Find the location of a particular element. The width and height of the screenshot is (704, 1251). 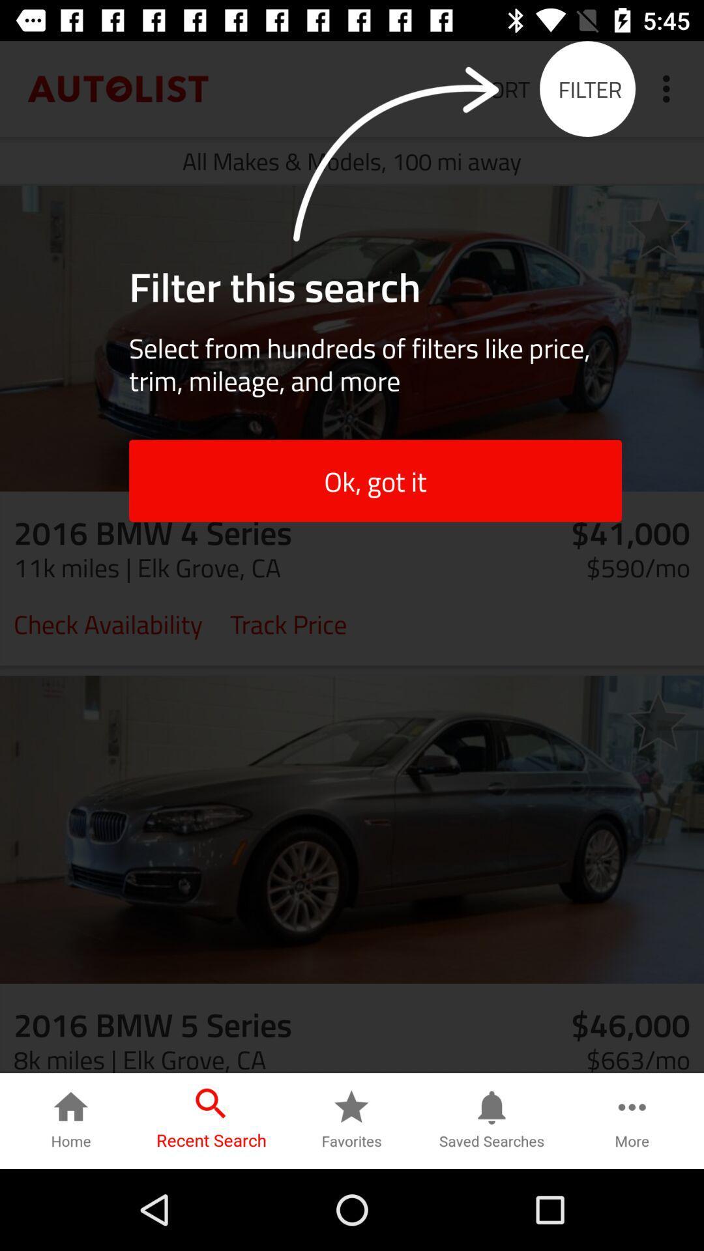

the item to the left of the filter item is located at coordinates (503, 88).